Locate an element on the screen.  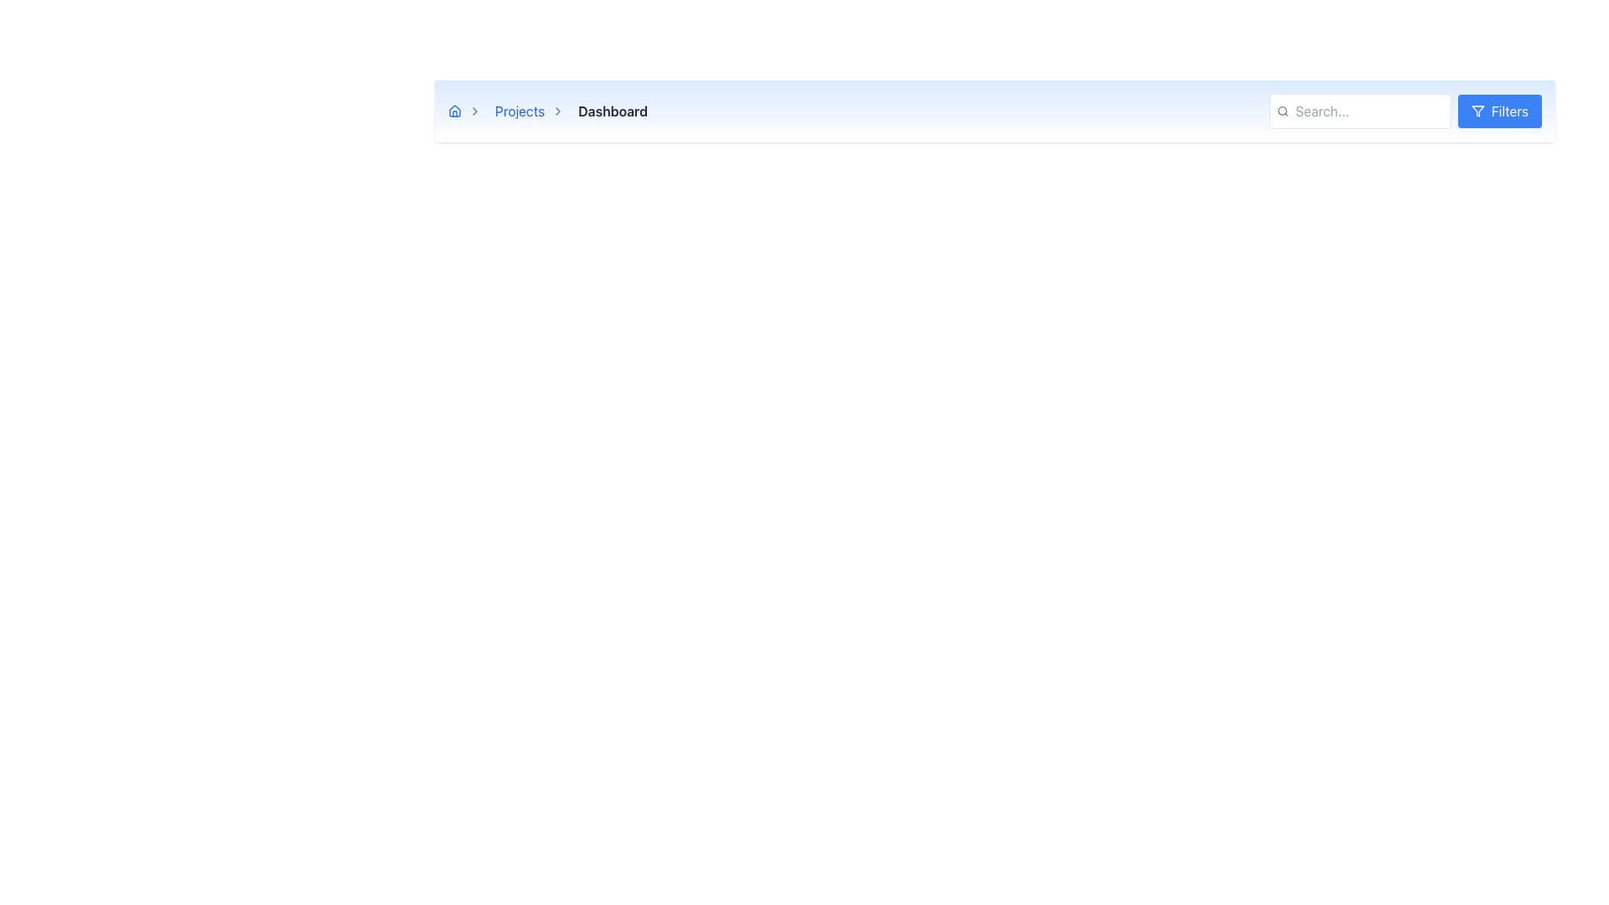
the right-pointing gray chevron icon located between the 'Projects' label and the 'Dashboard' label for navigational context is located at coordinates (473, 111).